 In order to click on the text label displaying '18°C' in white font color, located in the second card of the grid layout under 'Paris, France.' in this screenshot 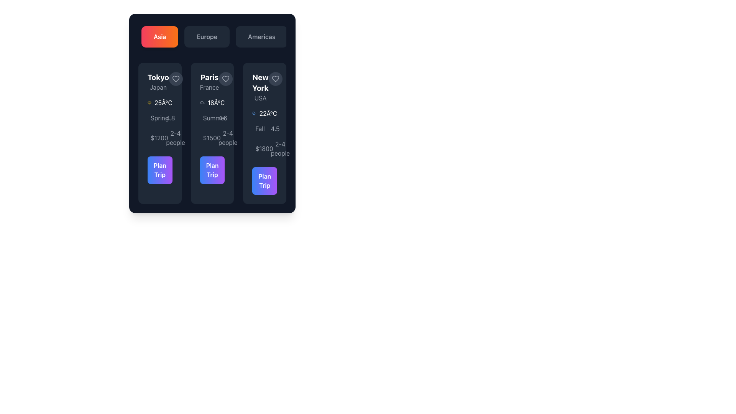, I will do `click(216, 102)`.